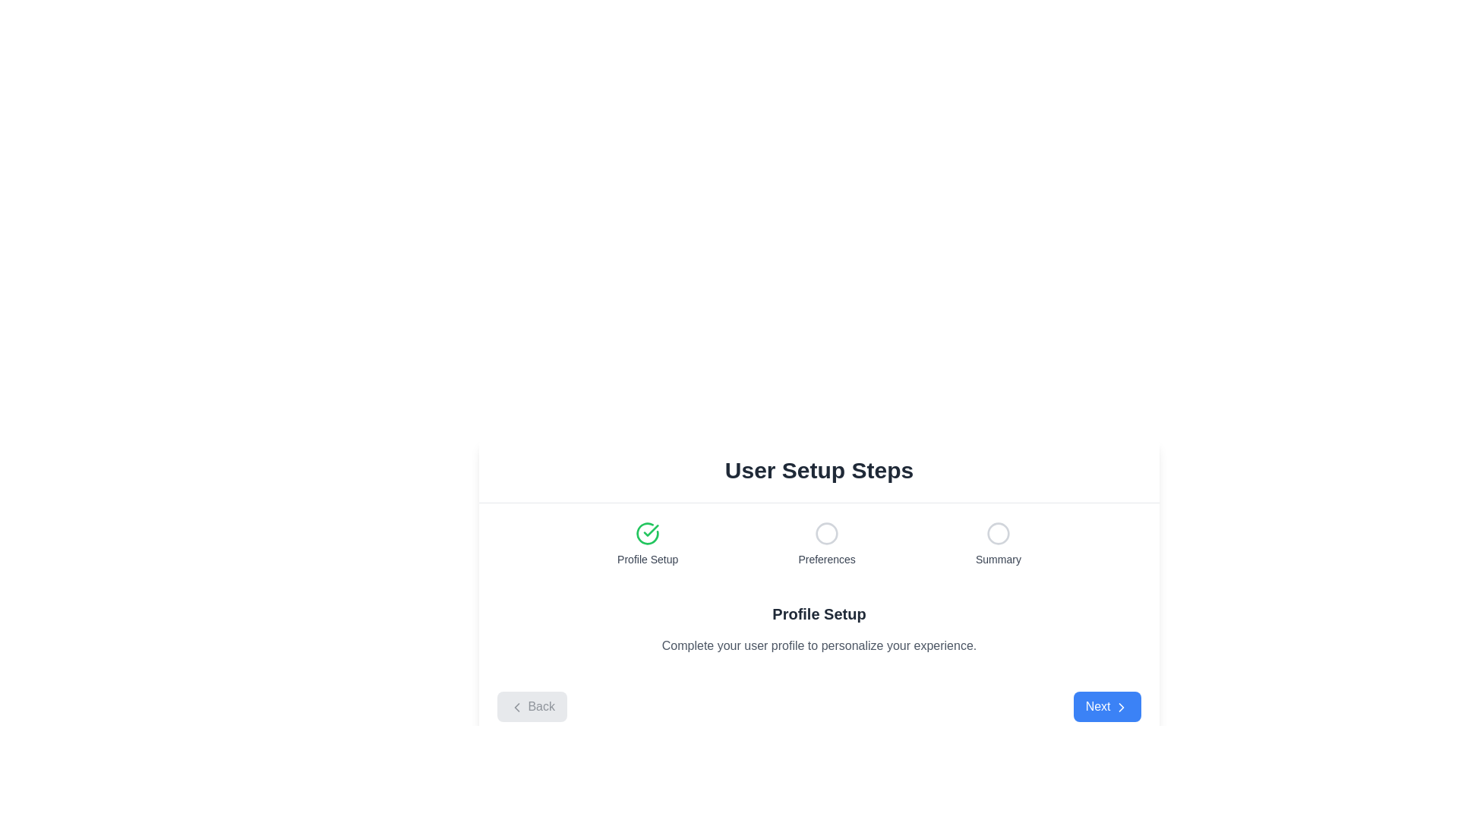 The height and width of the screenshot is (820, 1458). Describe the element at coordinates (999, 559) in the screenshot. I see `the 'Summary' text element, which is styled in gray and located in the third step of the horizontal stepper layout under a circular icon` at that location.